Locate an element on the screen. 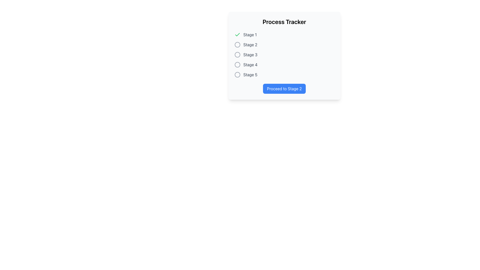 Image resolution: width=480 pixels, height=270 pixels. the 'Stage 1' text label, which is gray and positioned to the right of a green check icon indicating the completion of the stage is located at coordinates (250, 34).